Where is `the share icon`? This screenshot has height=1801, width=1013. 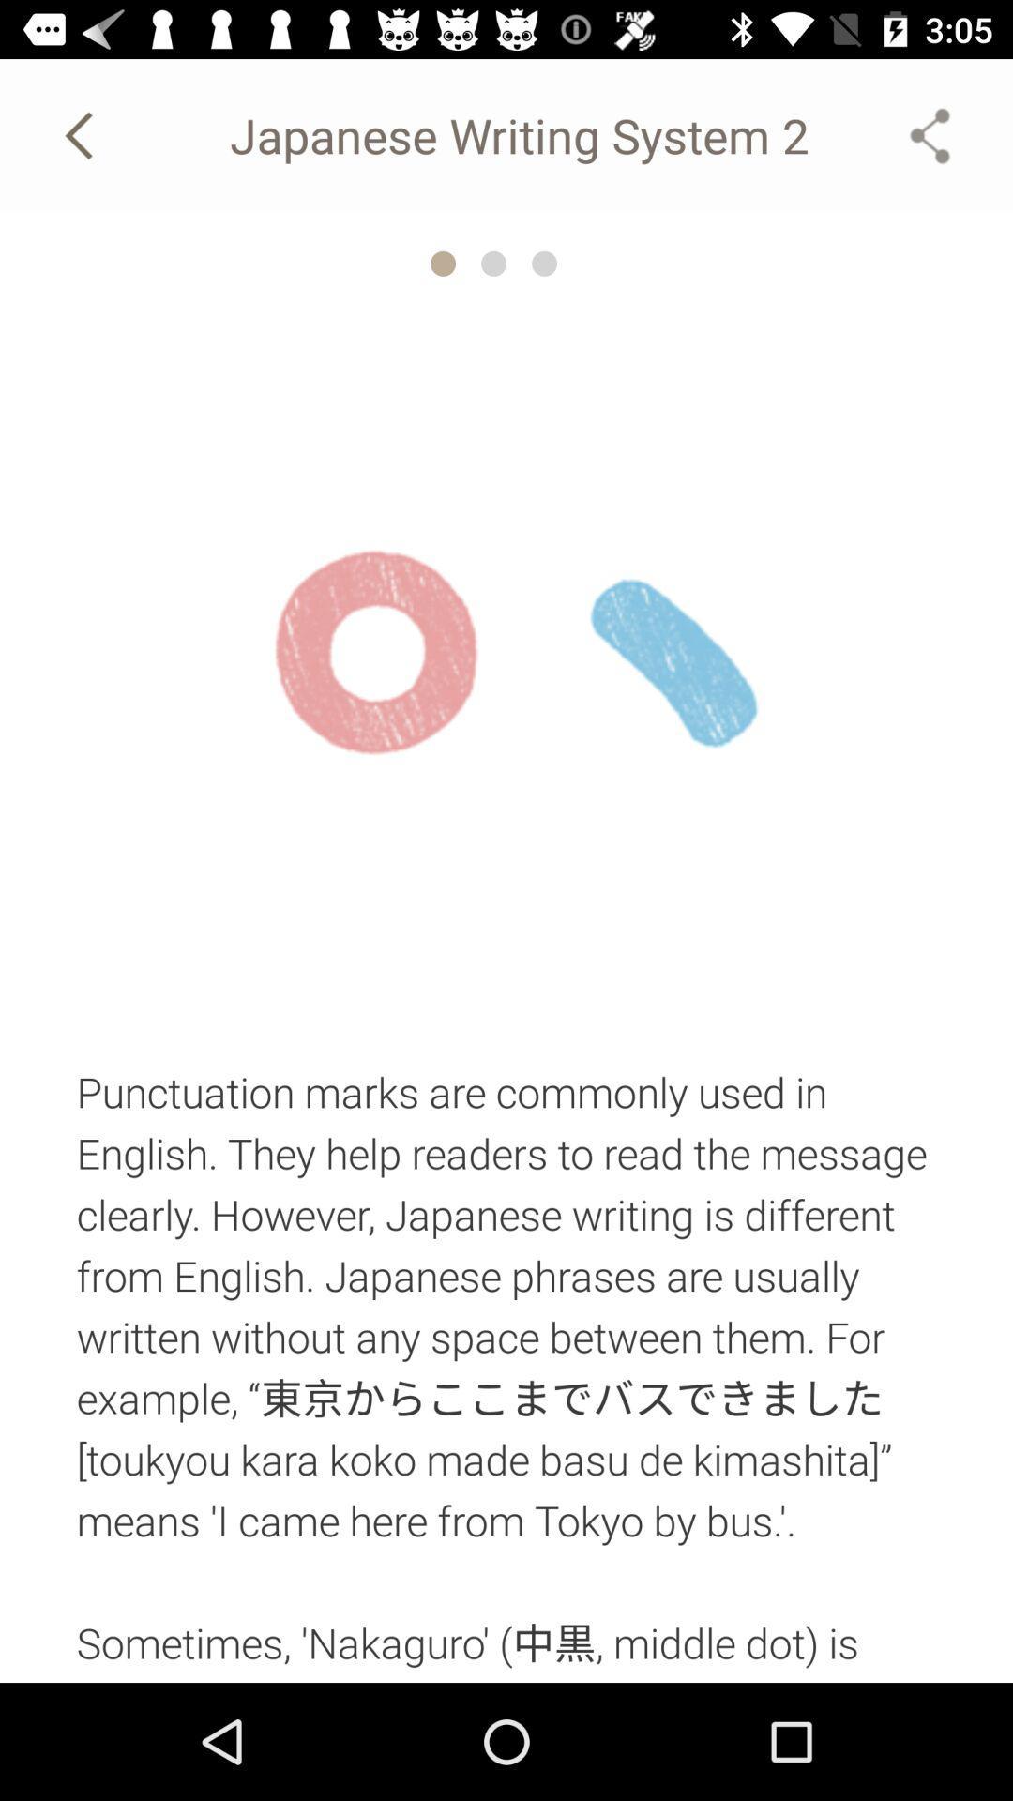 the share icon is located at coordinates (930, 134).